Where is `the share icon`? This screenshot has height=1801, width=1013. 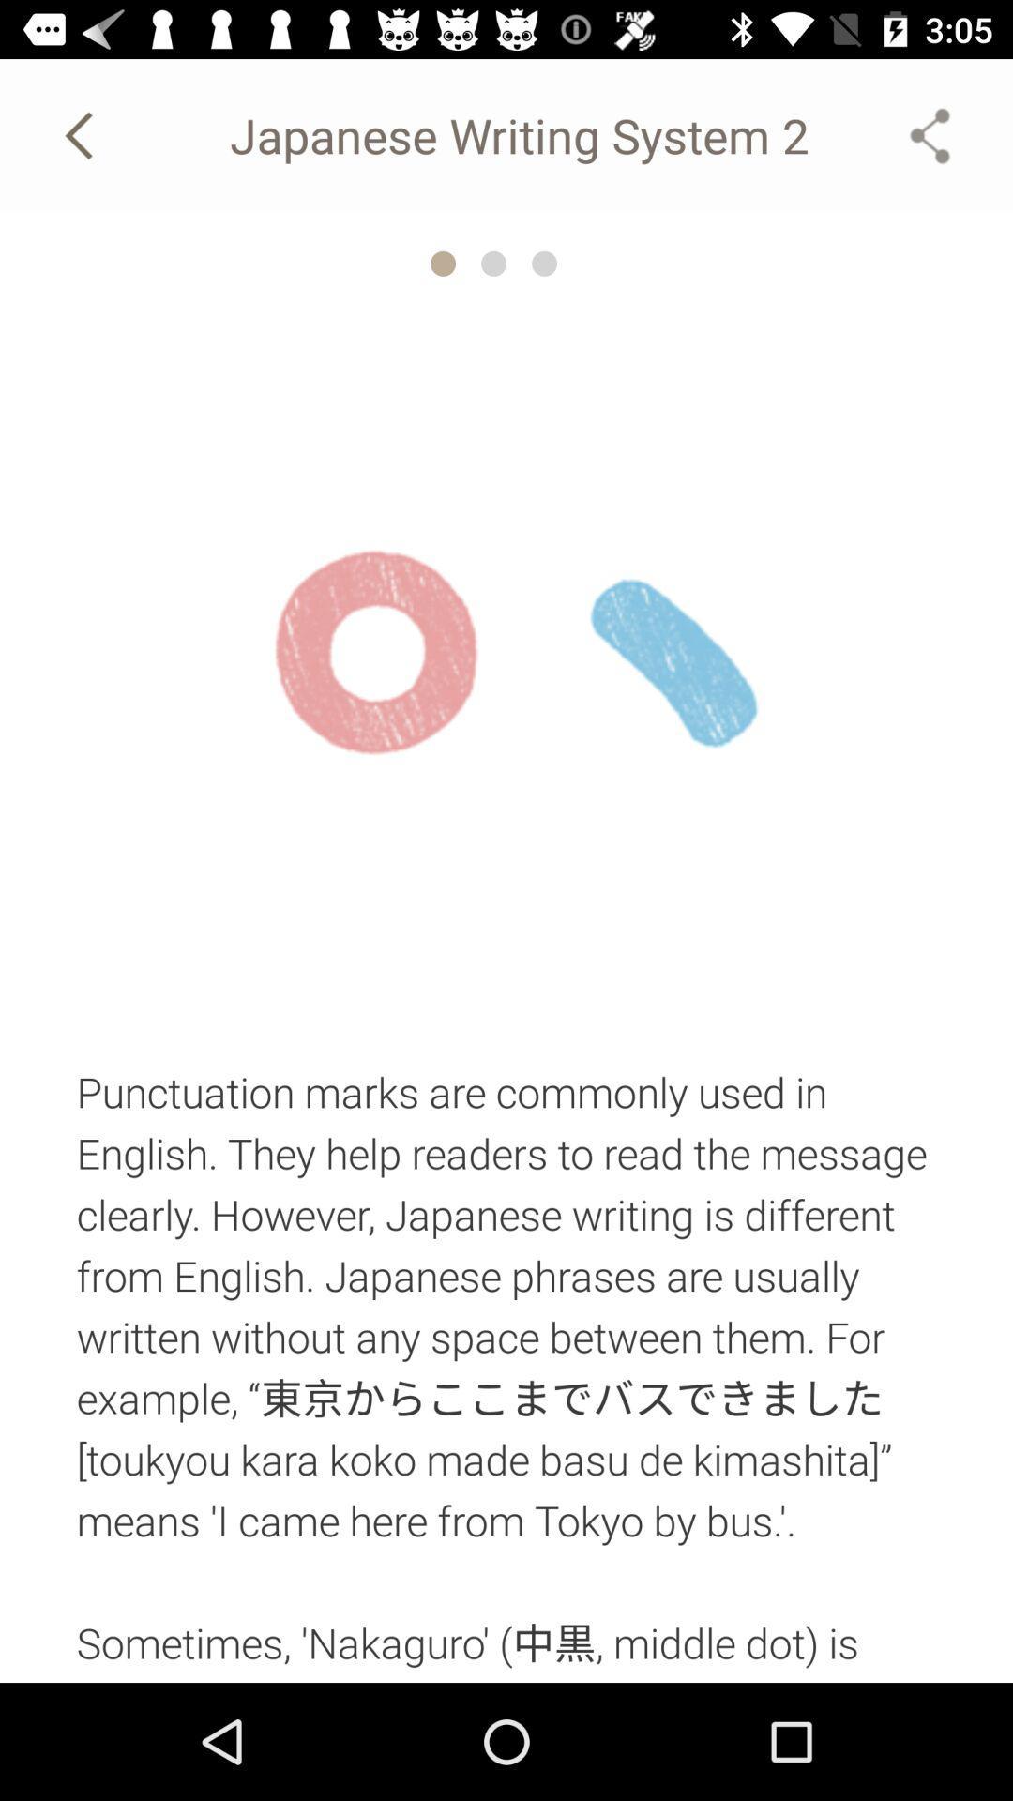 the share icon is located at coordinates (930, 134).